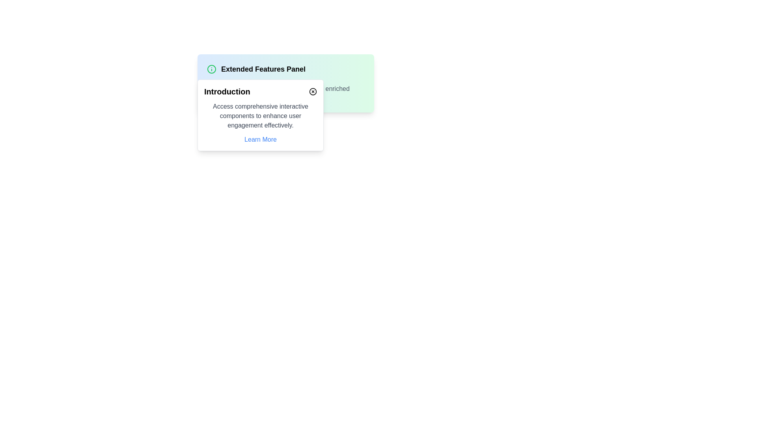 This screenshot has width=757, height=425. What do you see at coordinates (312, 91) in the screenshot?
I see `the decorative icon located in the top-right corner of the contextual informational card` at bounding box center [312, 91].